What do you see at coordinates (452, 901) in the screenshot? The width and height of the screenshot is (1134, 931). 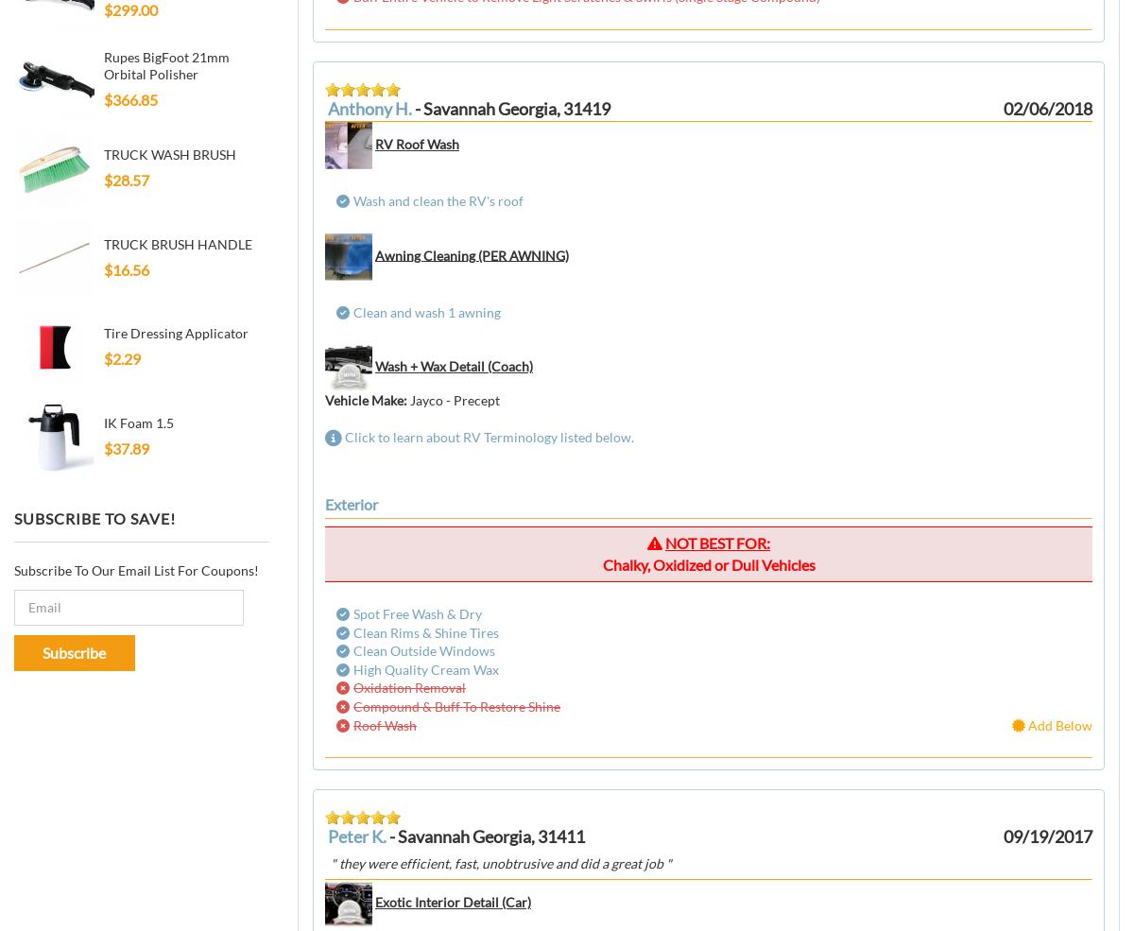 I see `'Exotic Interior Detail (Car)'` at bounding box center [452, 901].